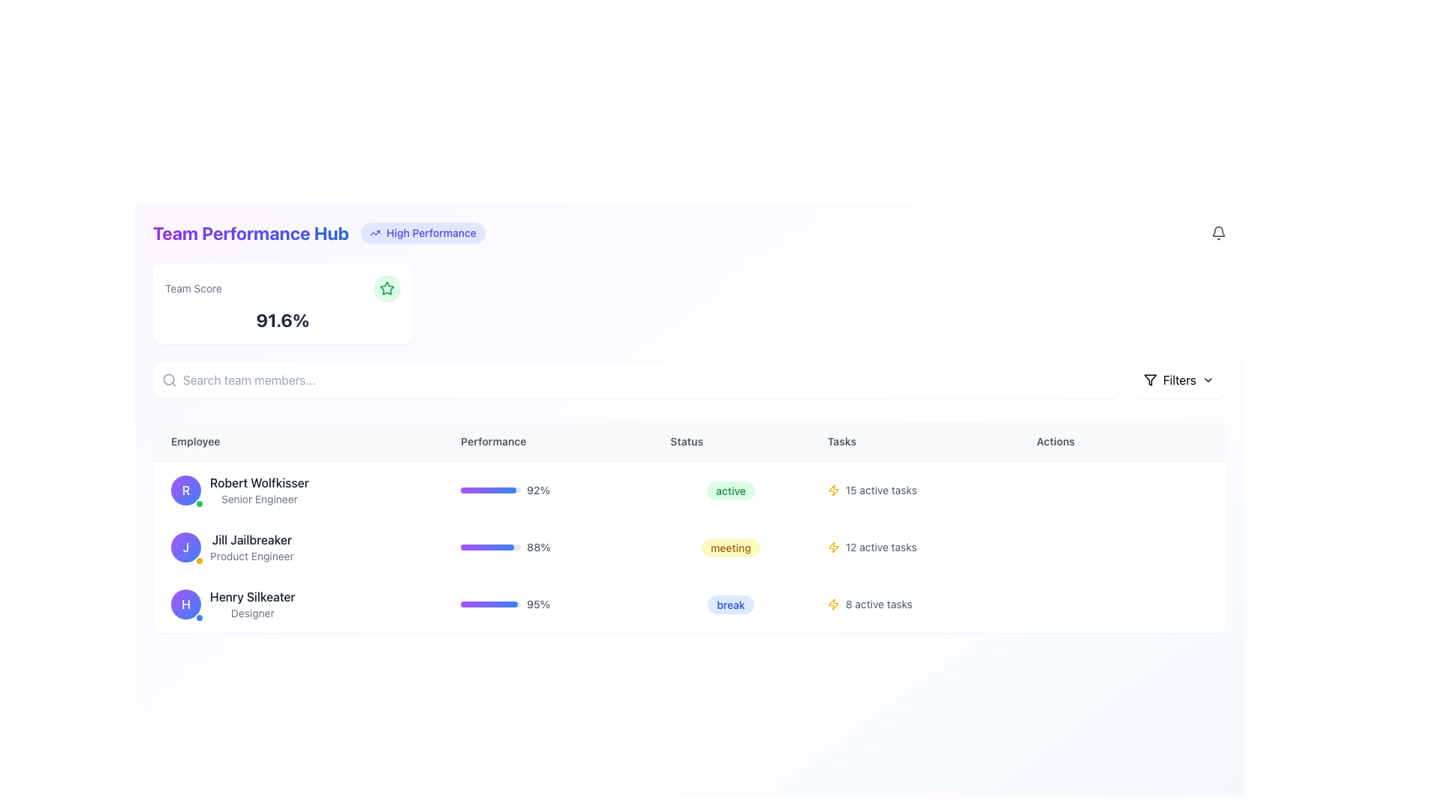 This screenshot has height=810, width=1441. What do you see at coordinates (832, 490) in the screenshot?
I see `the lightning bolt icon in the 'Tasks' column for 'Henry Silkeater', which is styled in yellow and located next to the active tasks text` at bounding box center [832, 490].